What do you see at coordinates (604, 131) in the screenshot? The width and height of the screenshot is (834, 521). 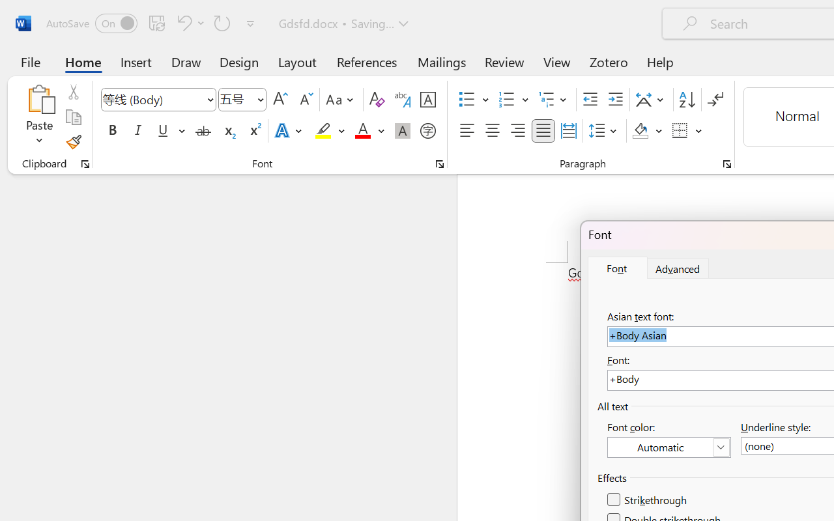 I see `'Line and Paragraph Spacing'` at bounding box center [604, 131].